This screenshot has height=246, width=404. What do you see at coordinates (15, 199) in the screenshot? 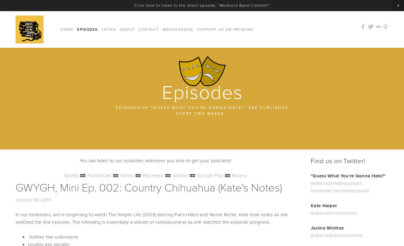
I see `'January 30, 2018'` at bounding box center [15, 199].